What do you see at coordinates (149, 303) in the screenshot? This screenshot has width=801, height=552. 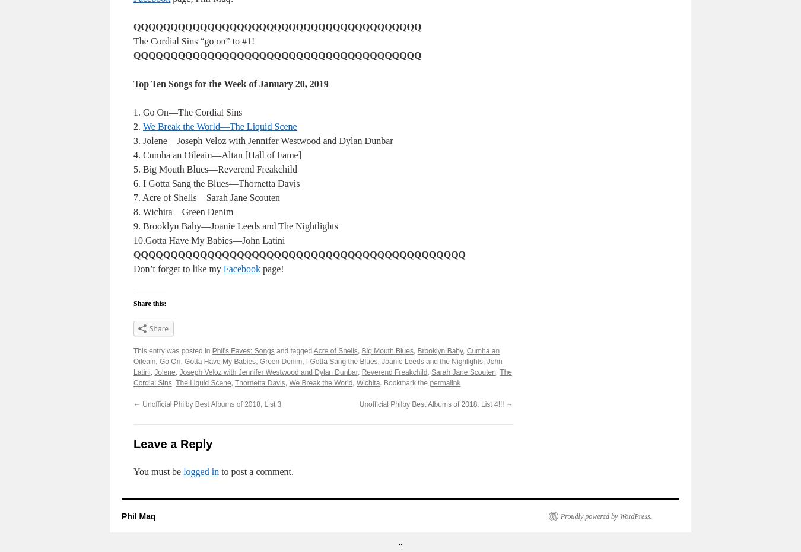 I see `'Share this:'` at bounding box center [149, 303].